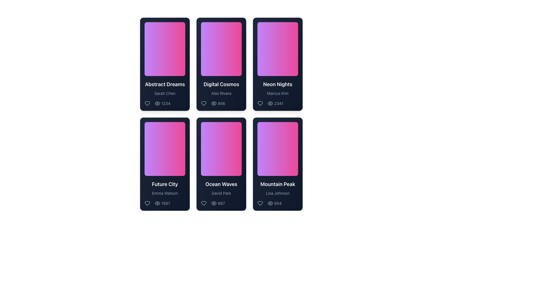  What do you see at coordinates (214, 203) in the screenshot?
I see `the visual marker icon indicating views related to the 'Ocean Waves' card, located in the second row and second column of the grid, immediately to the left of the number '987'` at bounding box center [214, 203].